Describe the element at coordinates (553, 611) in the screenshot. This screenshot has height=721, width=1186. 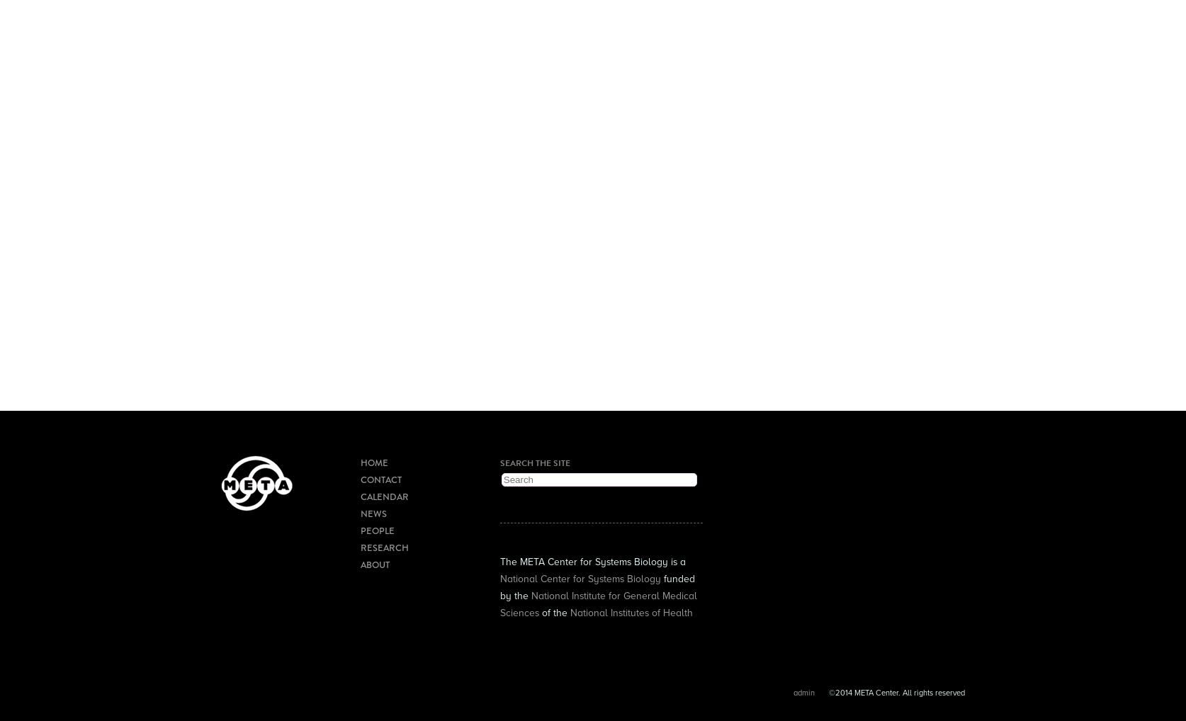
I see `'of the'` at that location.